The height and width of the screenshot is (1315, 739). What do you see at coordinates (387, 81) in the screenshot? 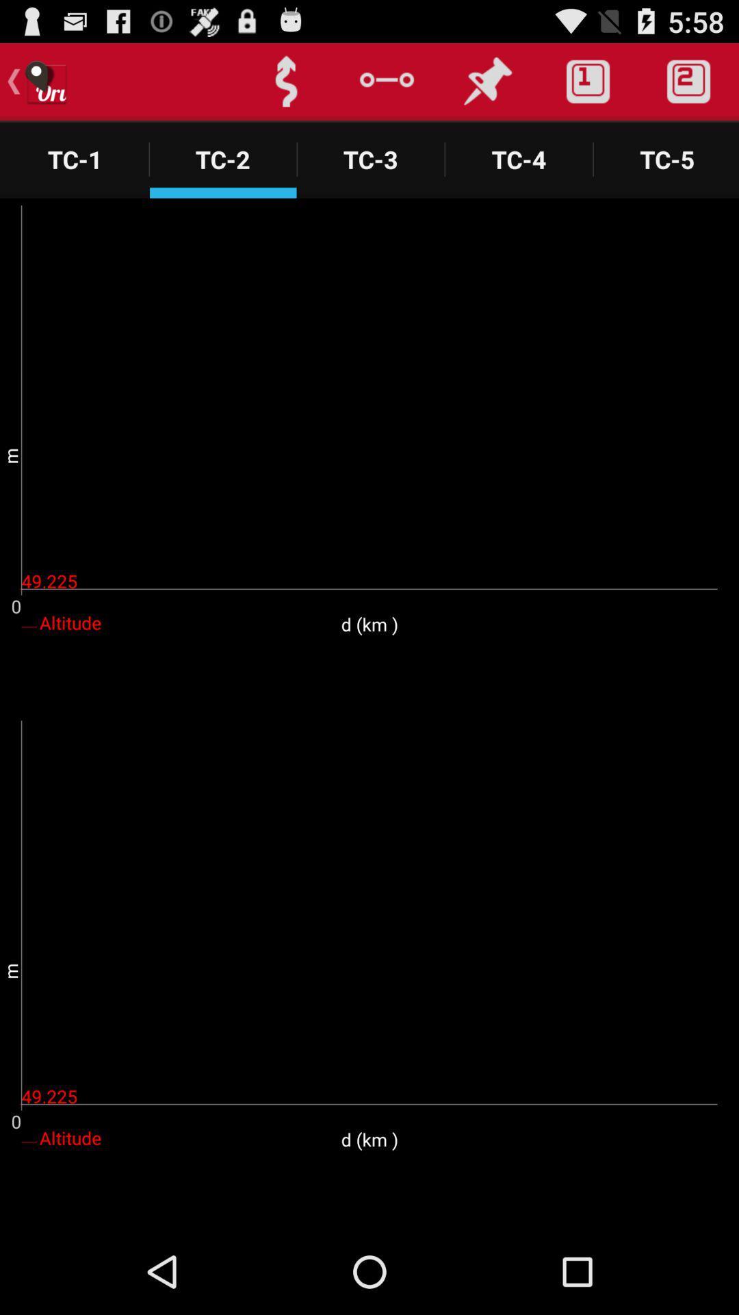
I see `app above the tc-3 item` at bounding box center [387, 81].